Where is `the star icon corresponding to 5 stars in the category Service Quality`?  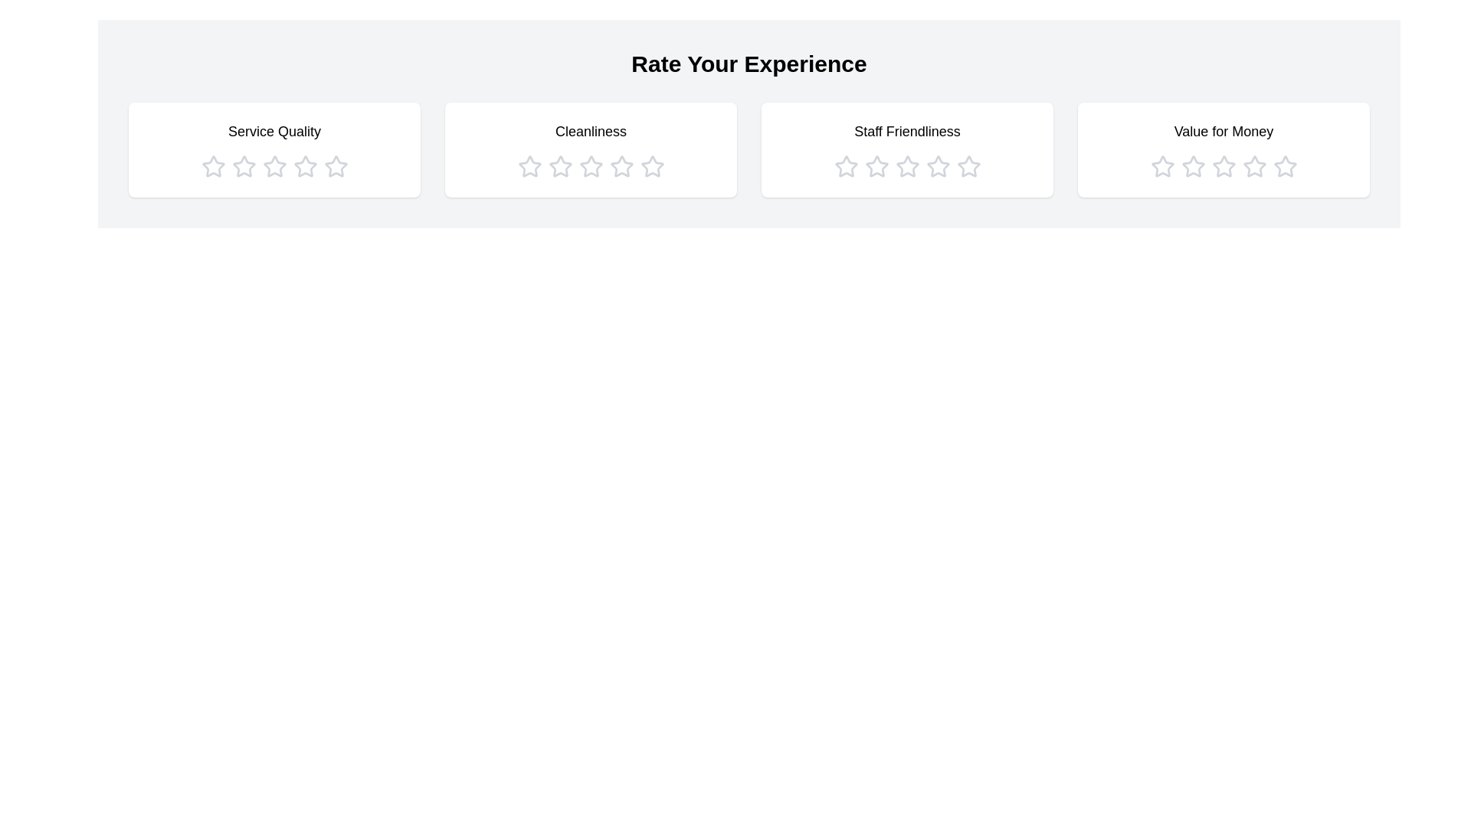
the star icon corresponding to 5 stars in the category Service Quality is located at coordinates (335, 167).